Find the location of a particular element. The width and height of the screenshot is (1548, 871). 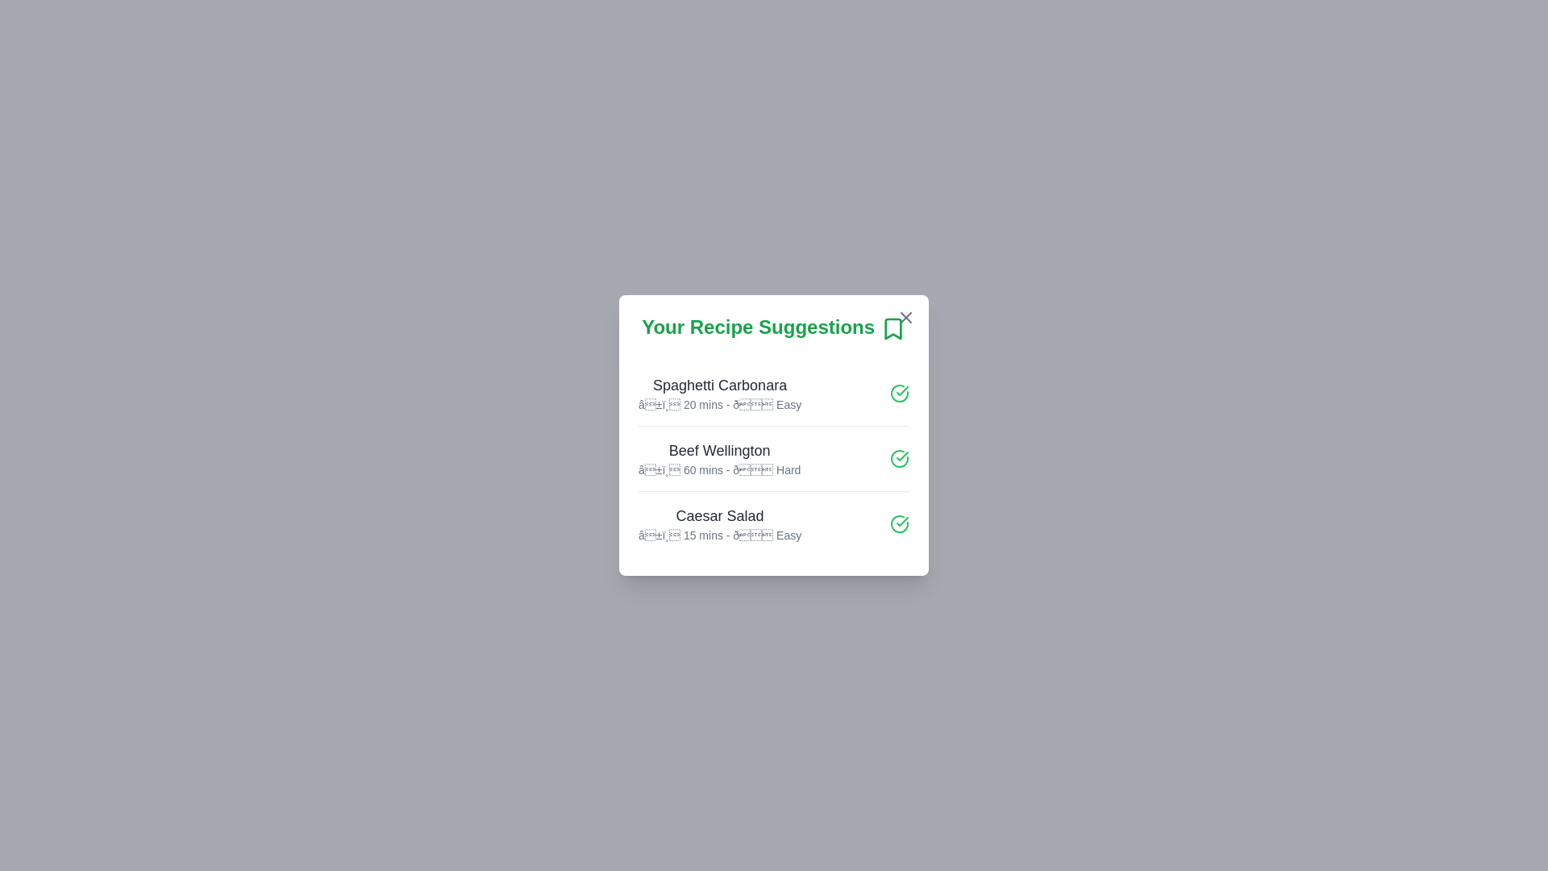

the check icon for the recipe Spaghetti Carbonara is located at coordinates (899, 392).